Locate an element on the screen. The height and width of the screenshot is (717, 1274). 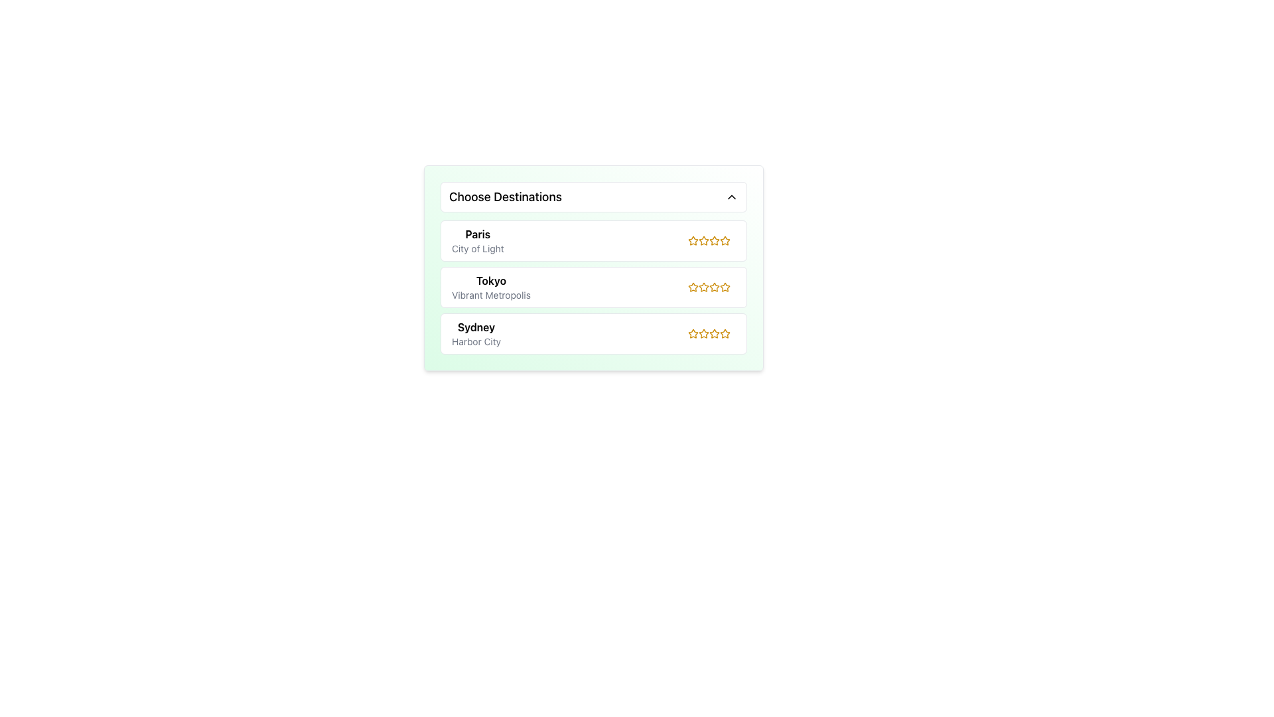
the gold-colored rating stars located to the right of the 'Tokyo - Vibrant Metropolis' label, which is the middle option in the list is located at coordinates (709, 286).